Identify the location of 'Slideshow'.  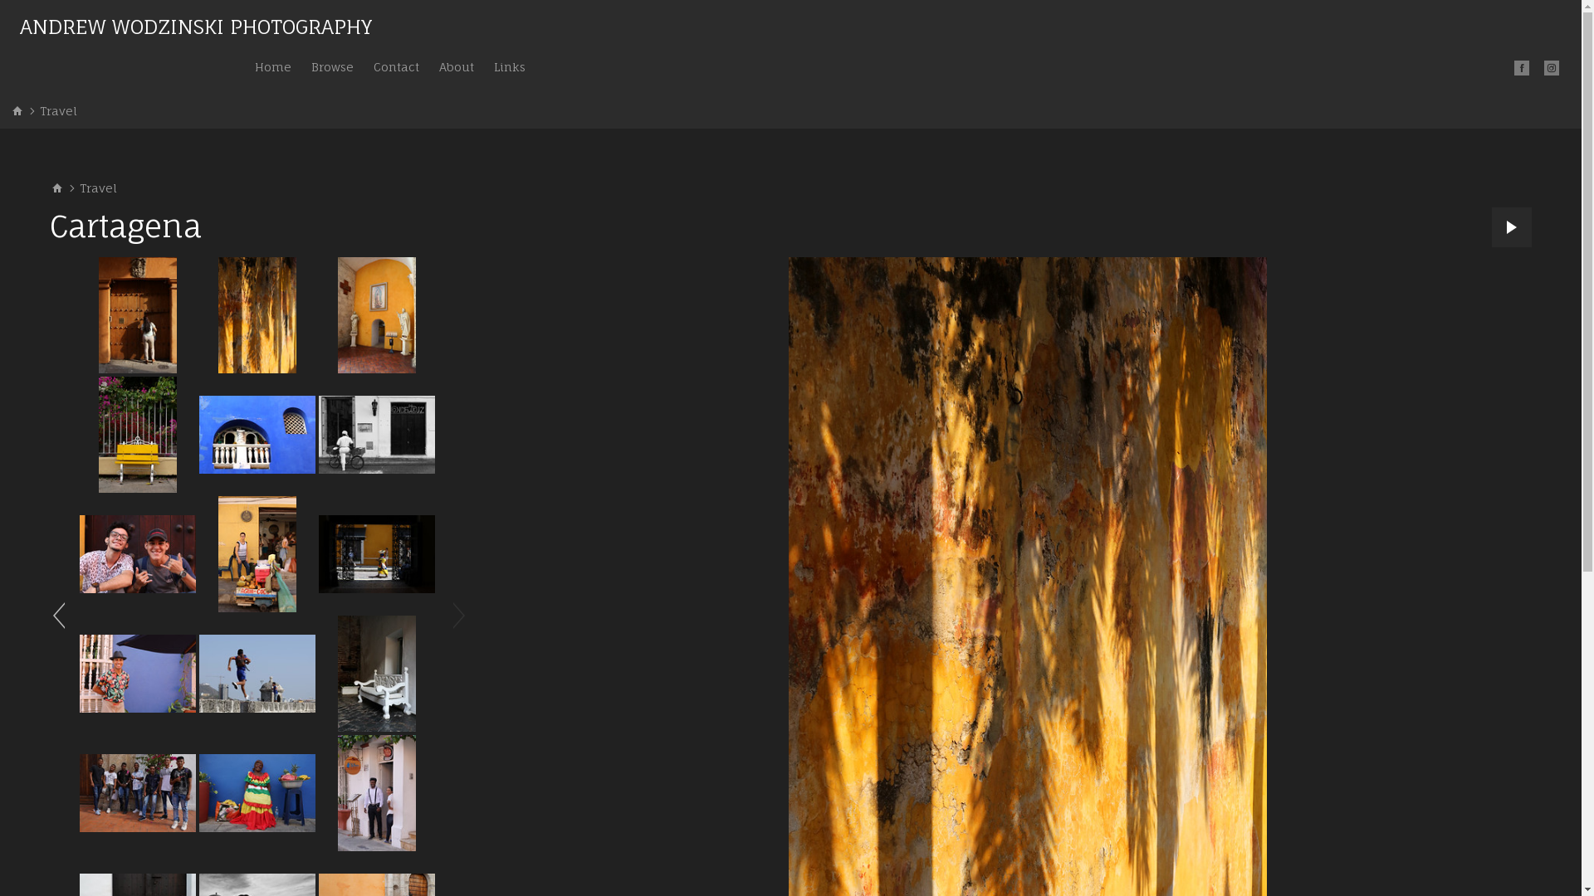
(1511, 226).